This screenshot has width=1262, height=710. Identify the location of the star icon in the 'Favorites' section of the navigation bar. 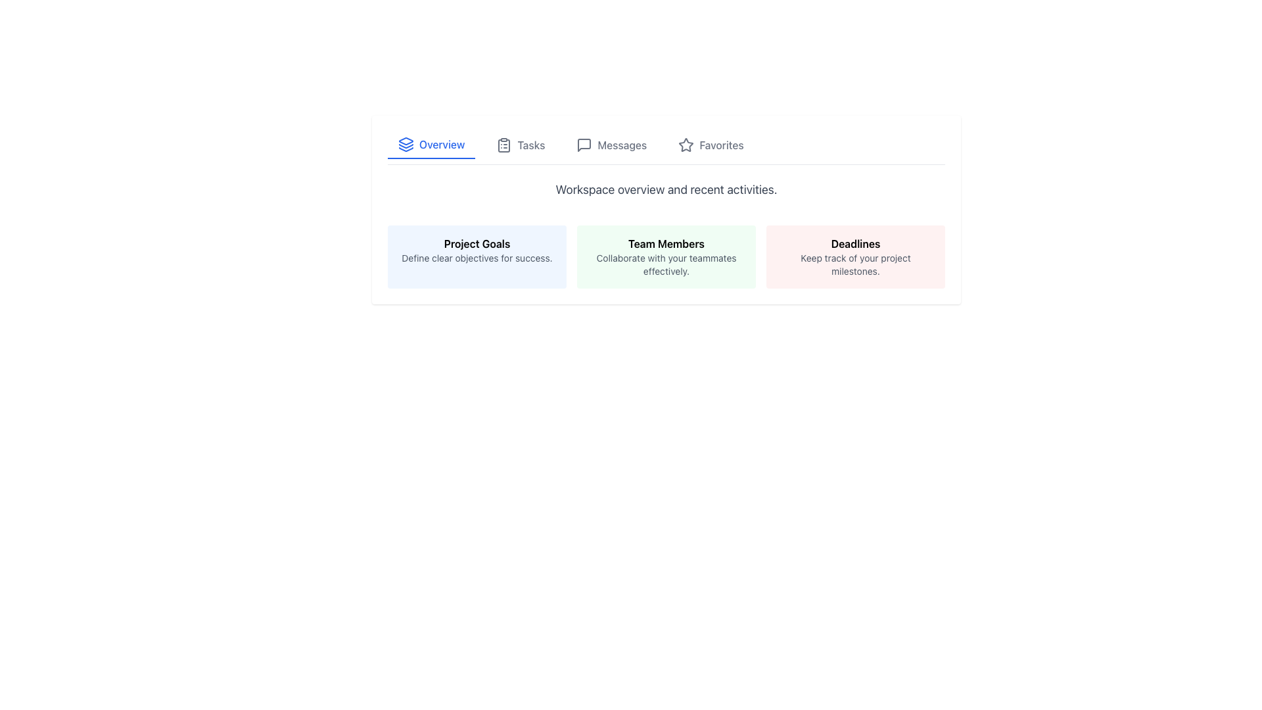
(686, 145).